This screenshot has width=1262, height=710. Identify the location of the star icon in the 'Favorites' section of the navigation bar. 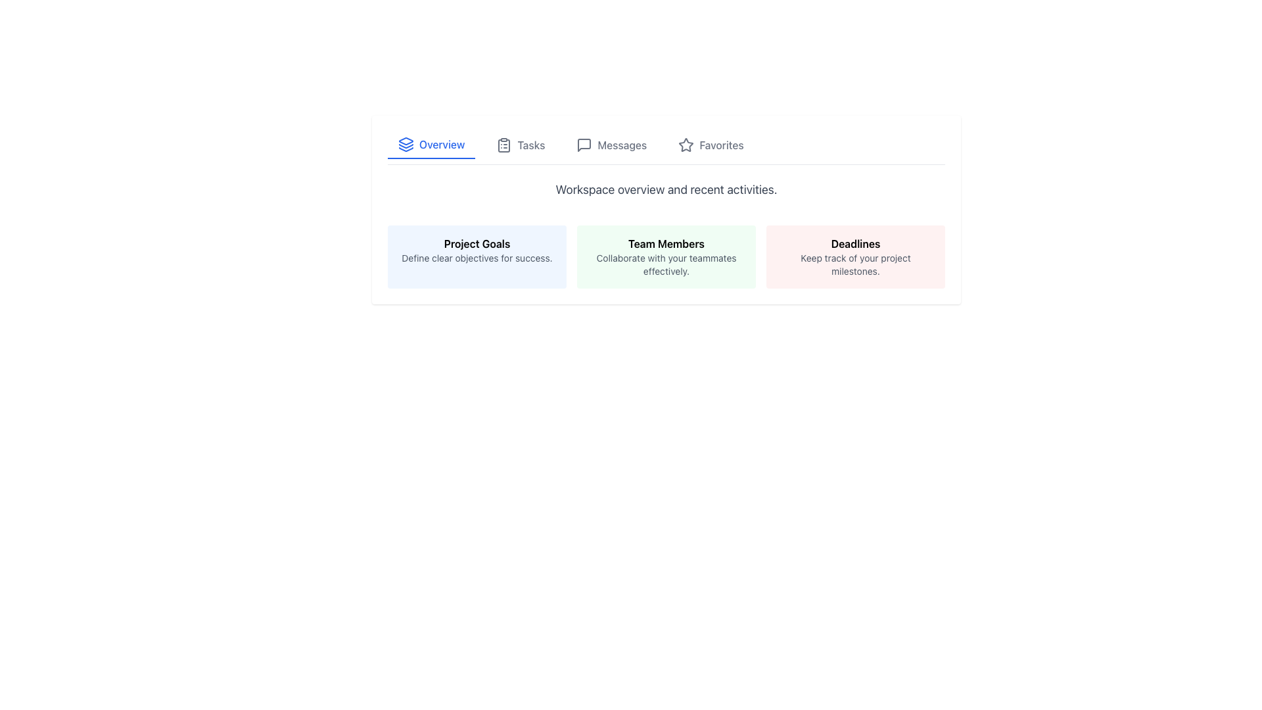
(686, 145).